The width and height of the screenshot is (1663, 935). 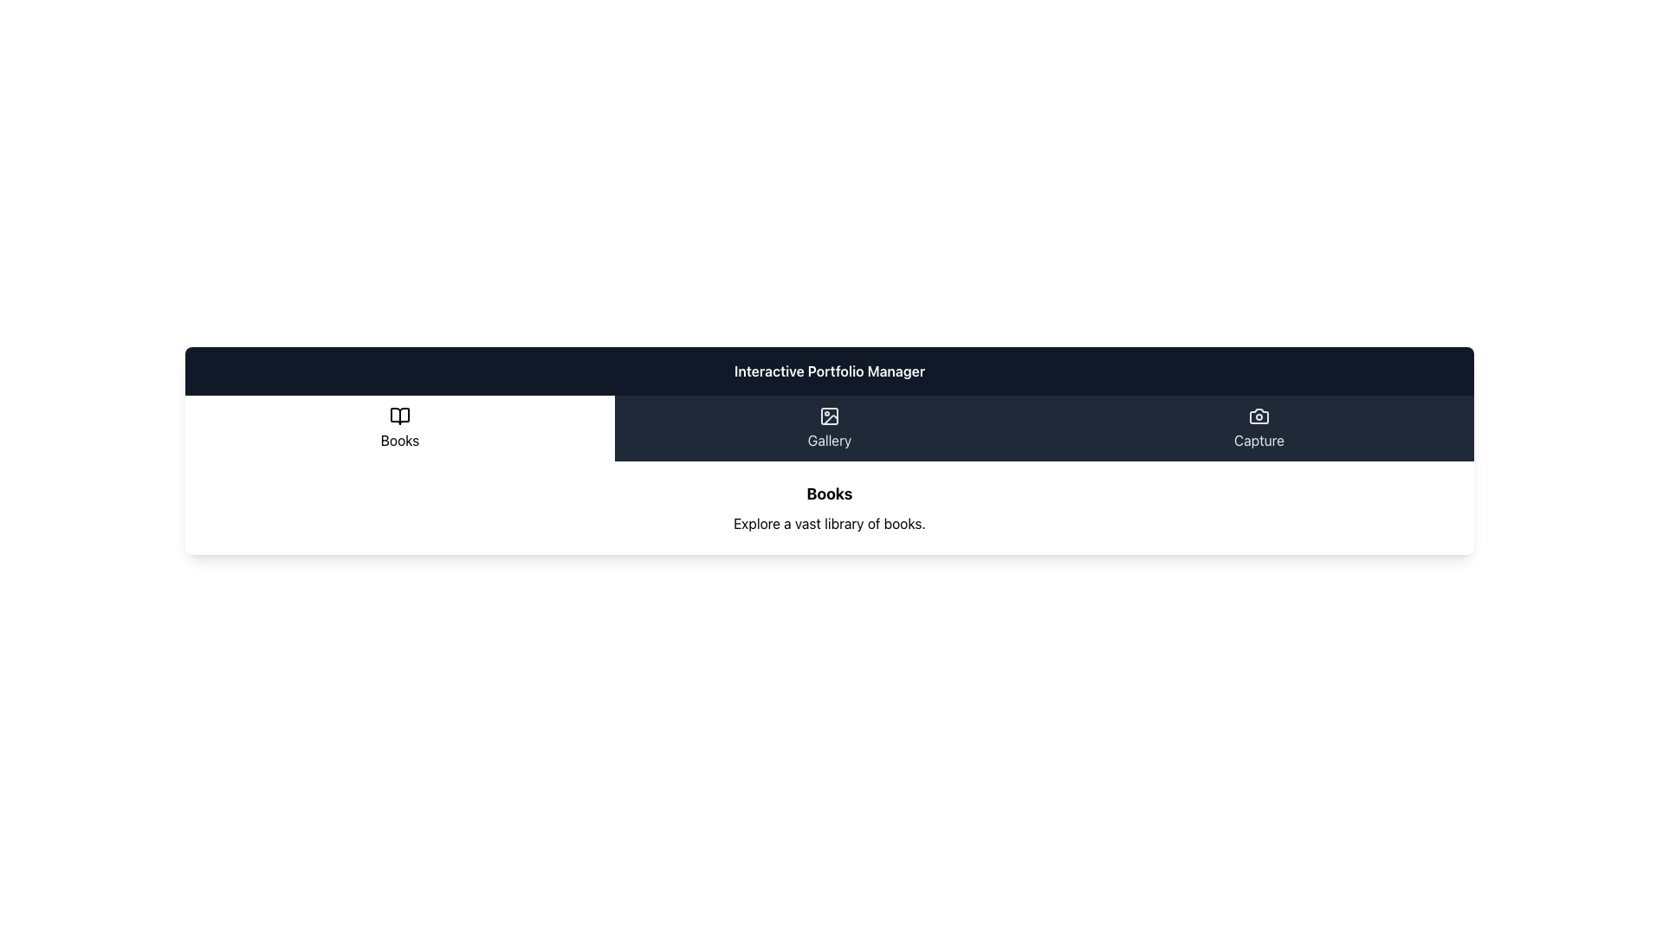 What do you see at coordinates (829, 428) in the screenshot?
I see `the second button in the group of three buttons, located between 'Books' and 'Capture'` at bounding box center [829, 428].